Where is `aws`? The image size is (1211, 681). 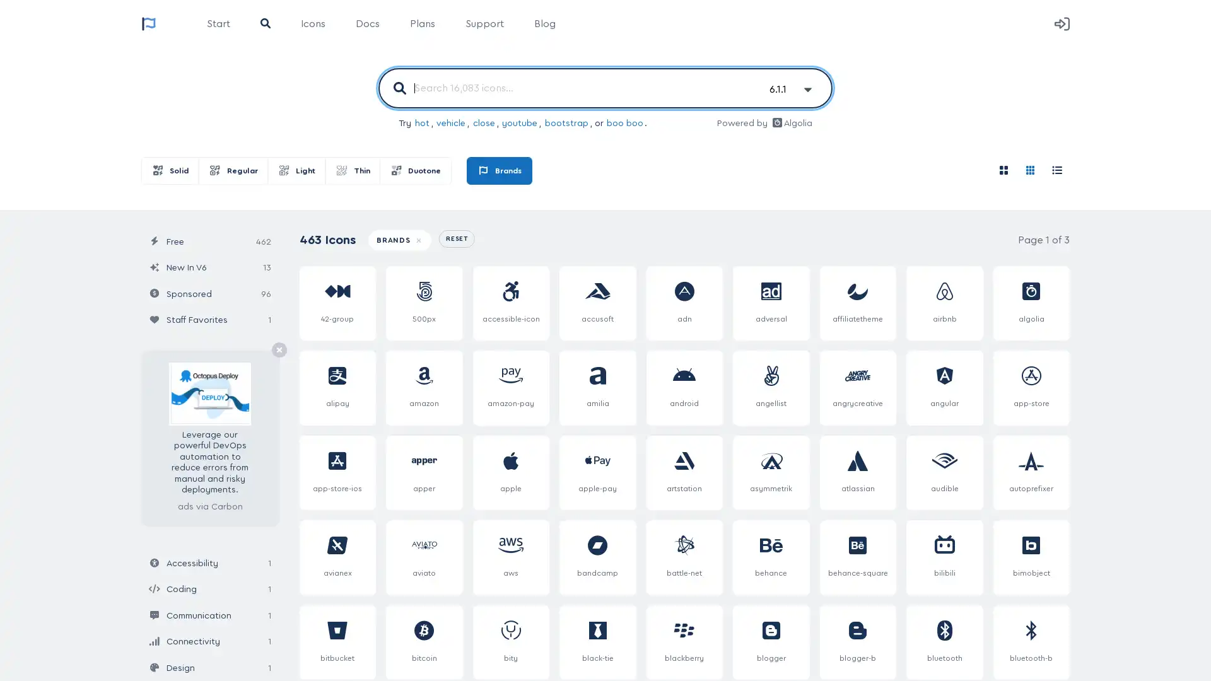 aws is located at coordinates (511, 566).